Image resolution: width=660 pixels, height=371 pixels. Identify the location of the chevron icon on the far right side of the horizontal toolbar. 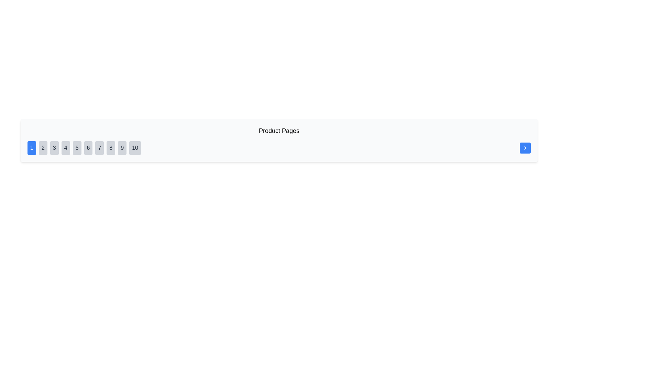
(525, 148).